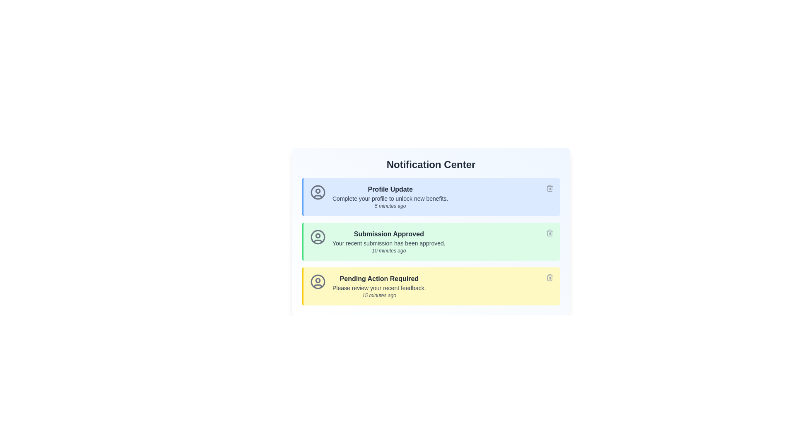 The image size is (795, 447). What do you see at coordinates (431, 197) in the screenshot?
I see `the first Notification card in the Notification Center that informs users about updating their profile and its benefits` at bounding box center [431, 197].